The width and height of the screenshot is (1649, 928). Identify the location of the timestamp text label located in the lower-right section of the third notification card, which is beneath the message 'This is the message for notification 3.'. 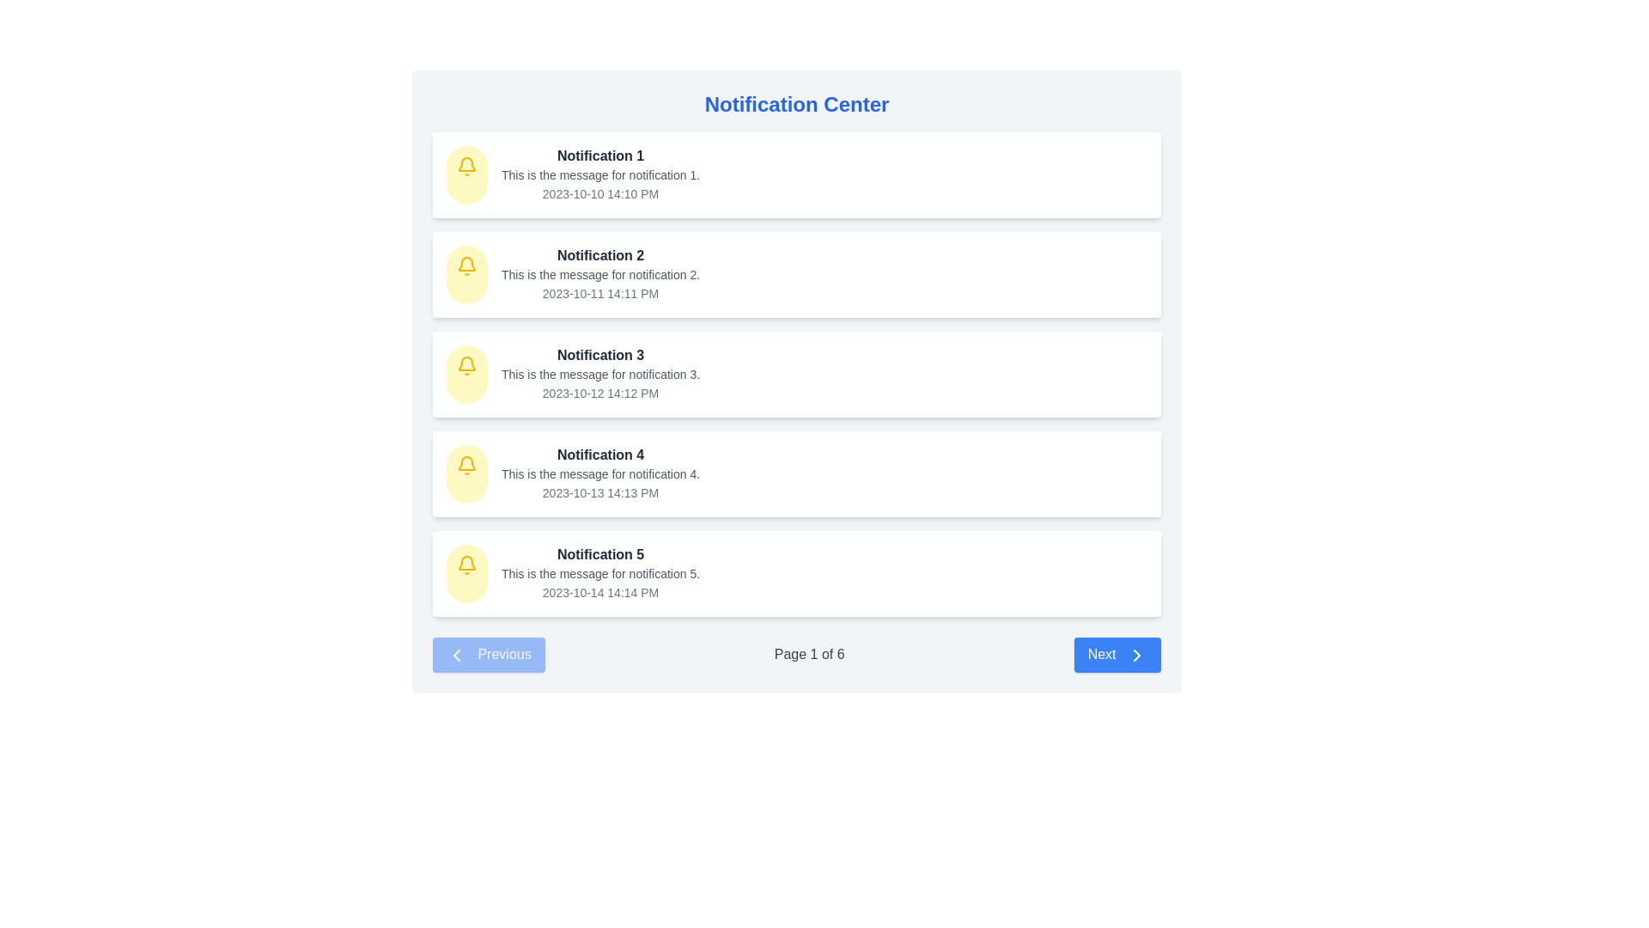
(600, 394).